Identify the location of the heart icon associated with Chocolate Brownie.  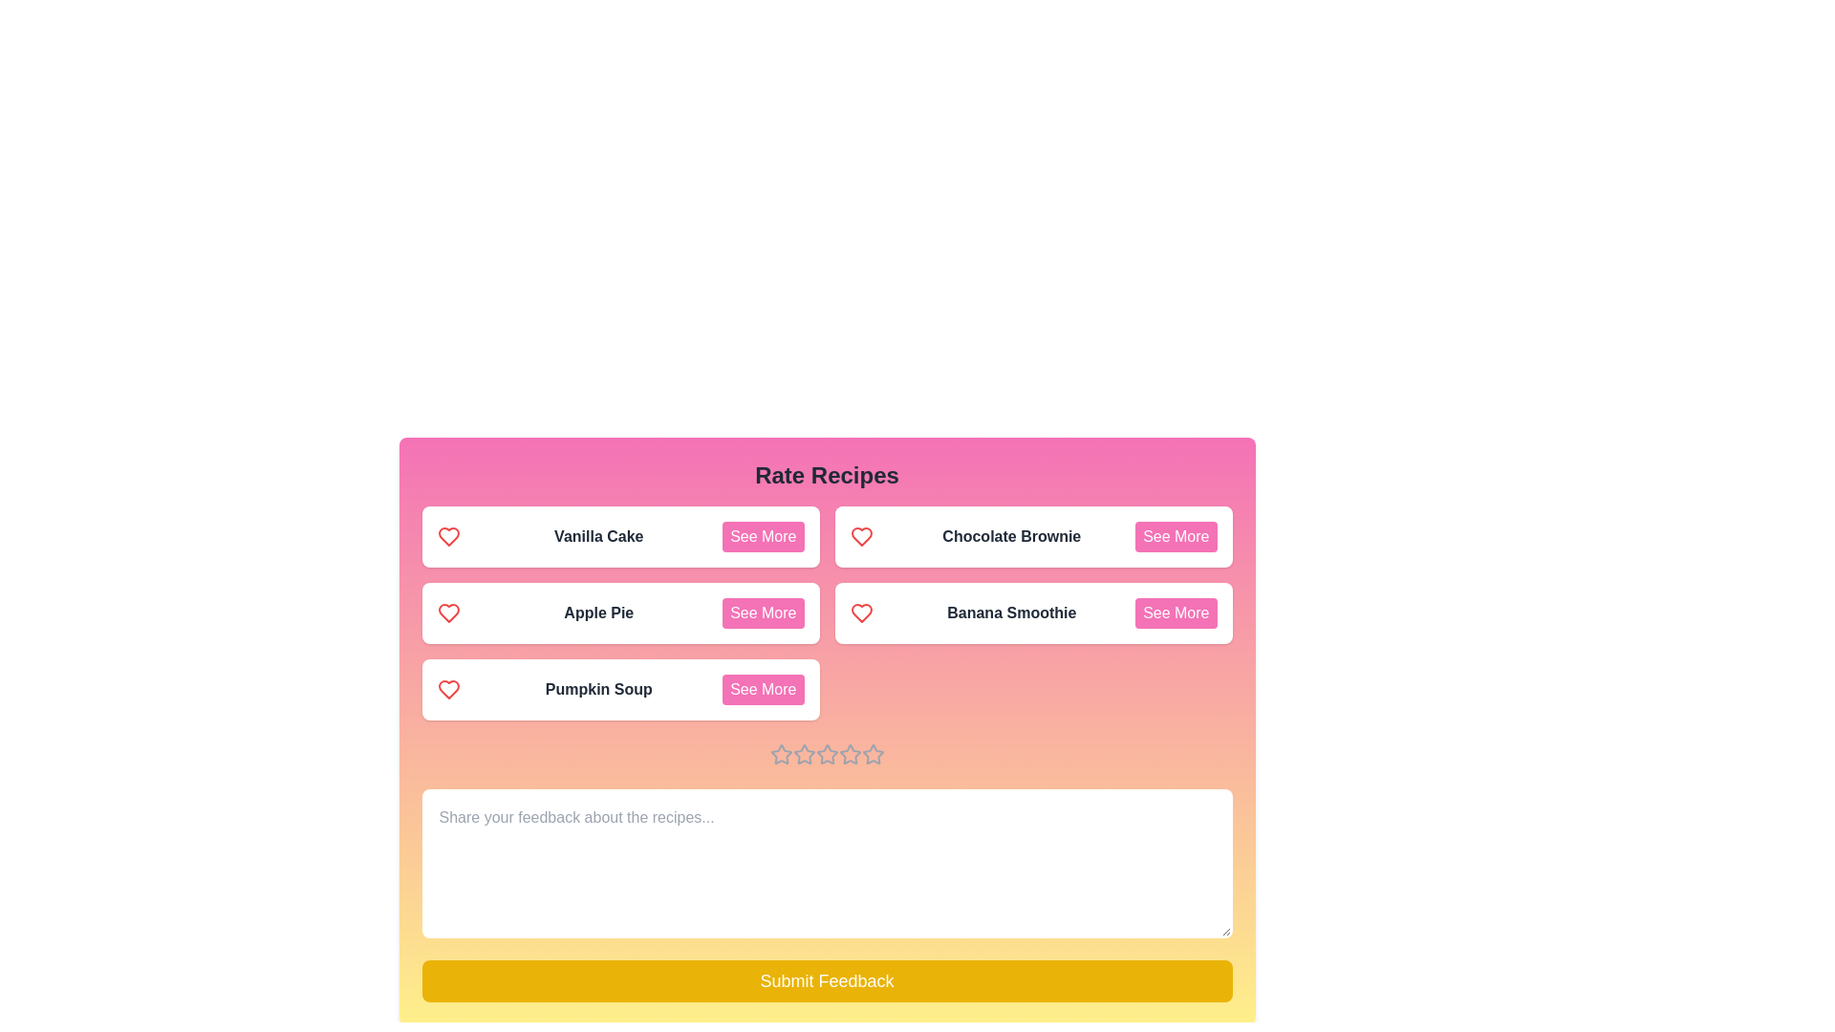
(860, 537).